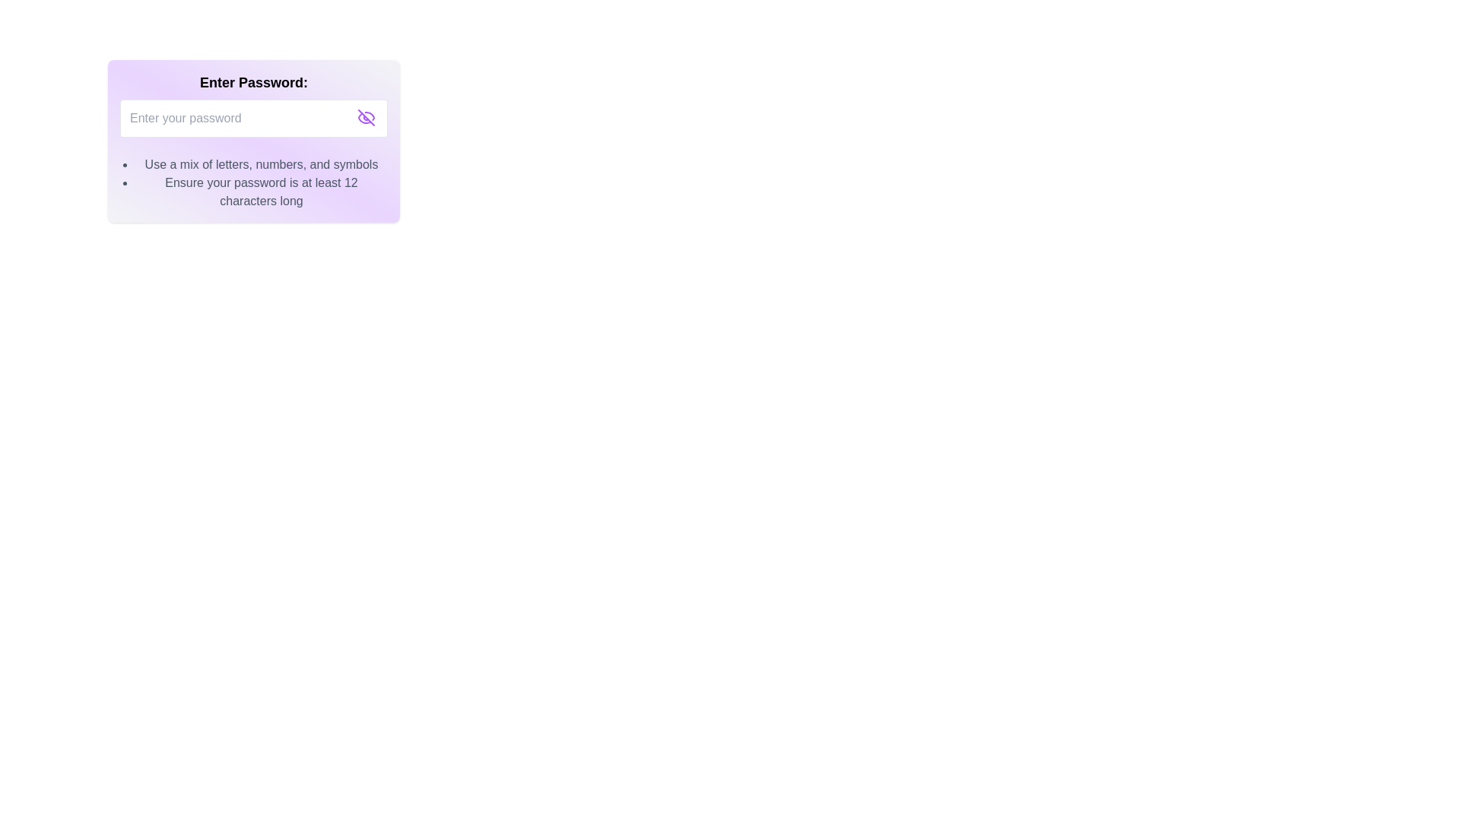  I want to click on the informational Text label that prompts users to create a secure password, which is the second item in a bulleted list beneath the 'Enter Password' section, so click(262, 192).